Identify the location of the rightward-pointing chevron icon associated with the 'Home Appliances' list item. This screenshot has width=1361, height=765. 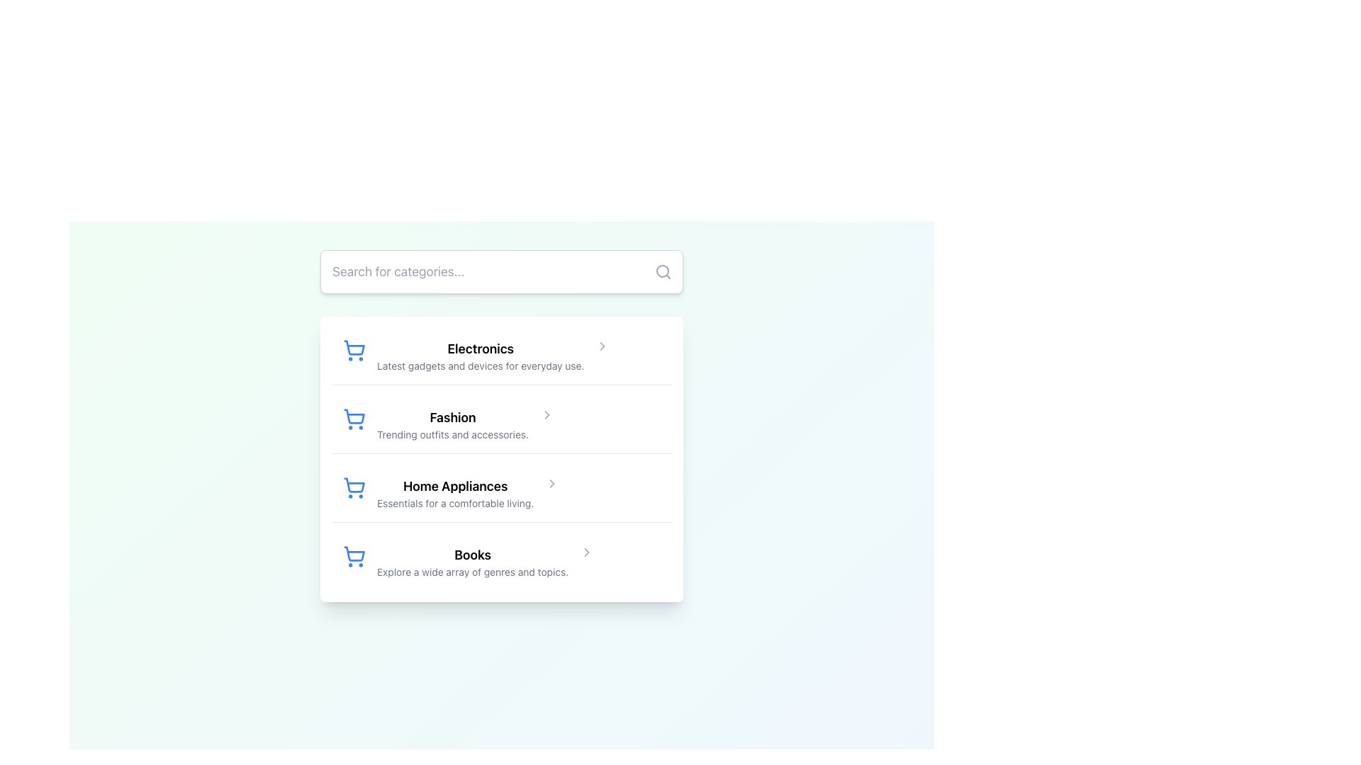
(551, 482).